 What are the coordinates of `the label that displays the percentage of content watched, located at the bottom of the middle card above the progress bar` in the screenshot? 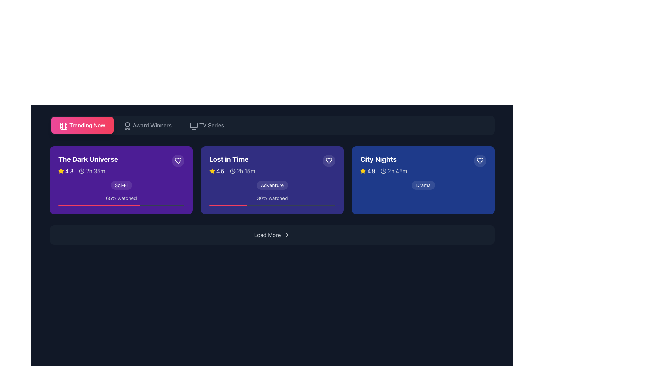 It's located at (272, 198).